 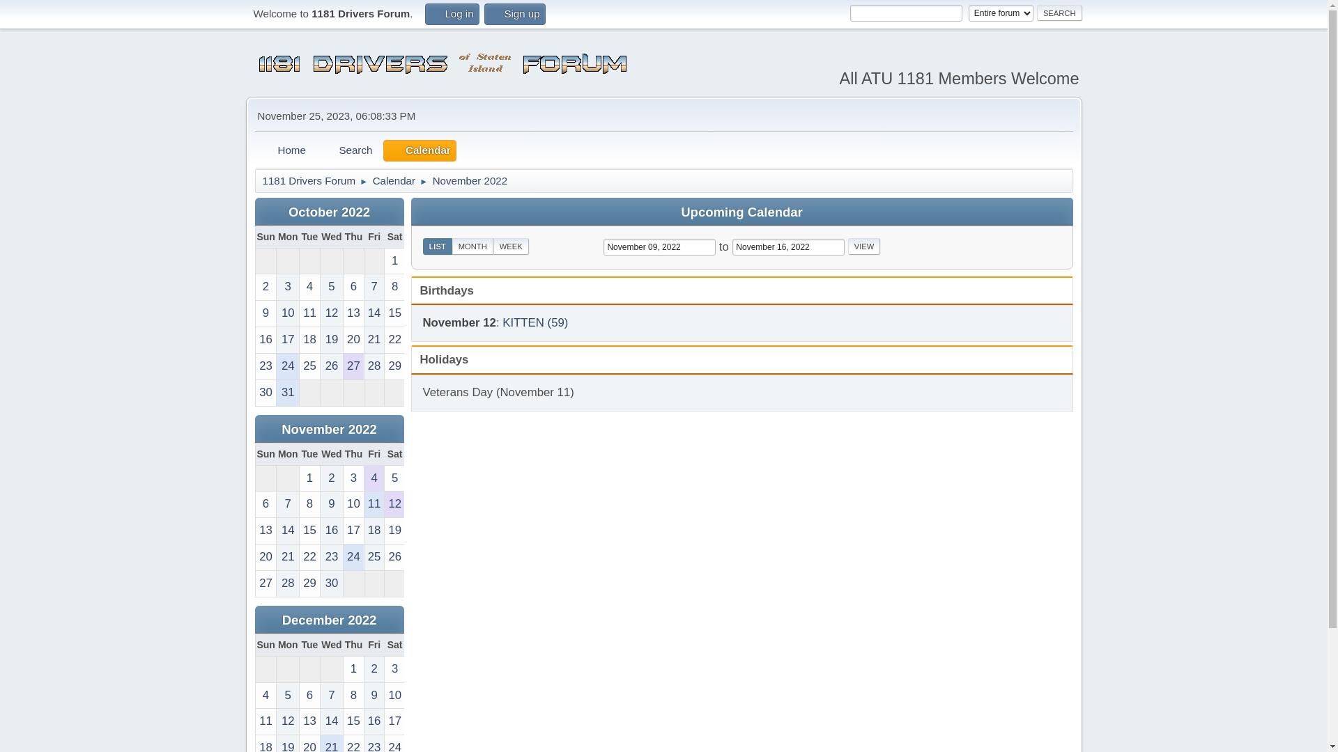 What do you see at coordinates (470, 178) in the screenshot?
I see `'November 2022'` at bounding box center [470, 178].